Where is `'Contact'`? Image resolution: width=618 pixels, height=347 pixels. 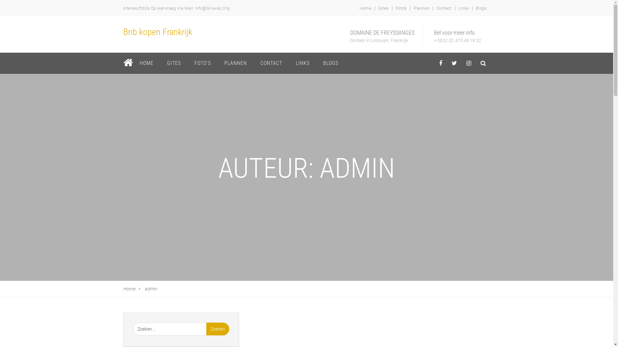
'Contact' is located at coordinates (444, 8).